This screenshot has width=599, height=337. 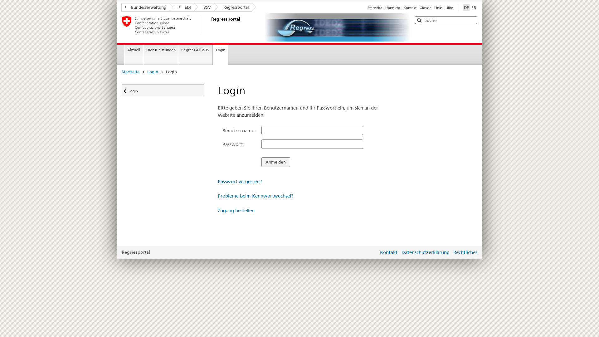 I want to click on 'Login', so click(x=153, y=71).